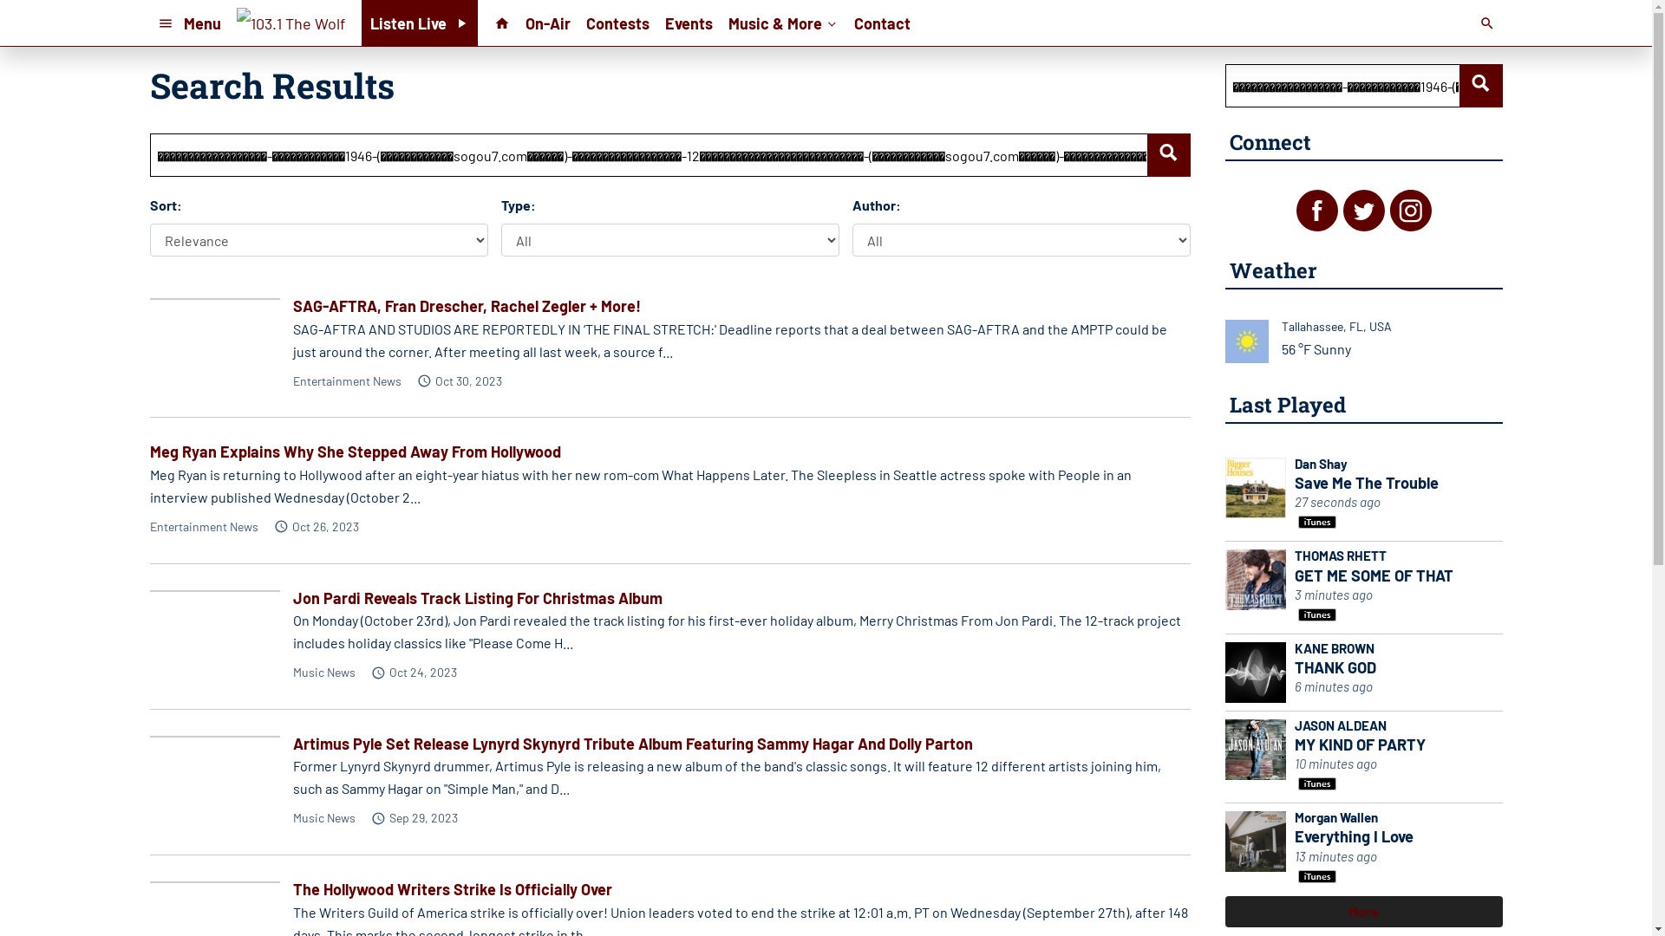 The height and width of the screenshot is (936, 1665). I want to click on 'Search', so click(1479, 86).